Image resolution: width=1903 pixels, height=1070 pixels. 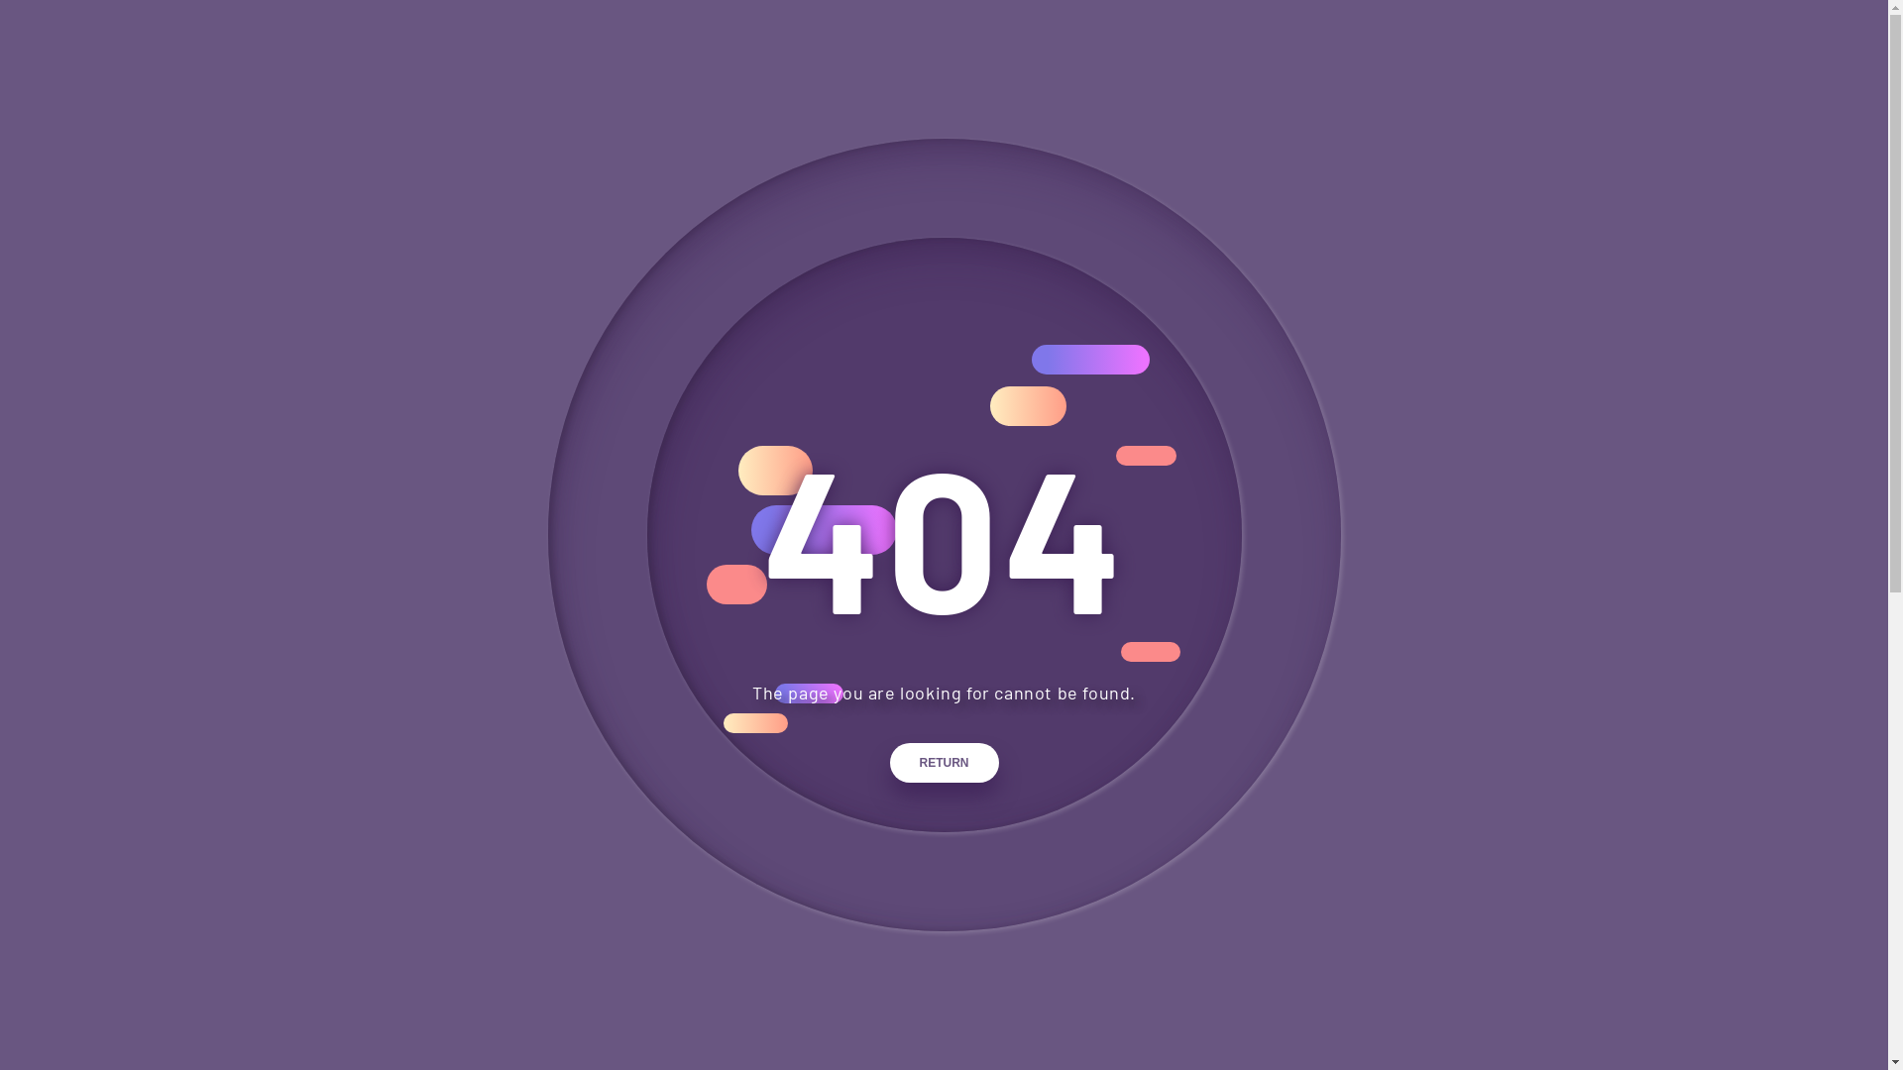 I want to click on 'RETURN', so click(x=944, y=762).